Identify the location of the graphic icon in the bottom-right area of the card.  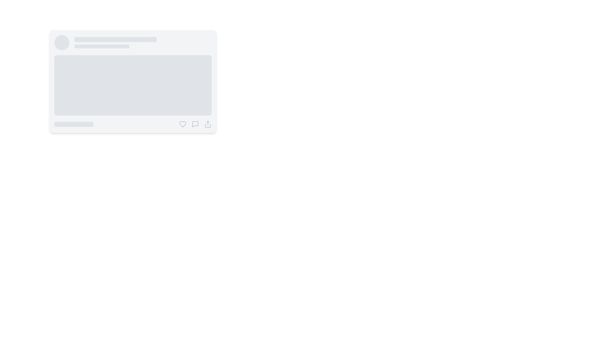
(182, 124).